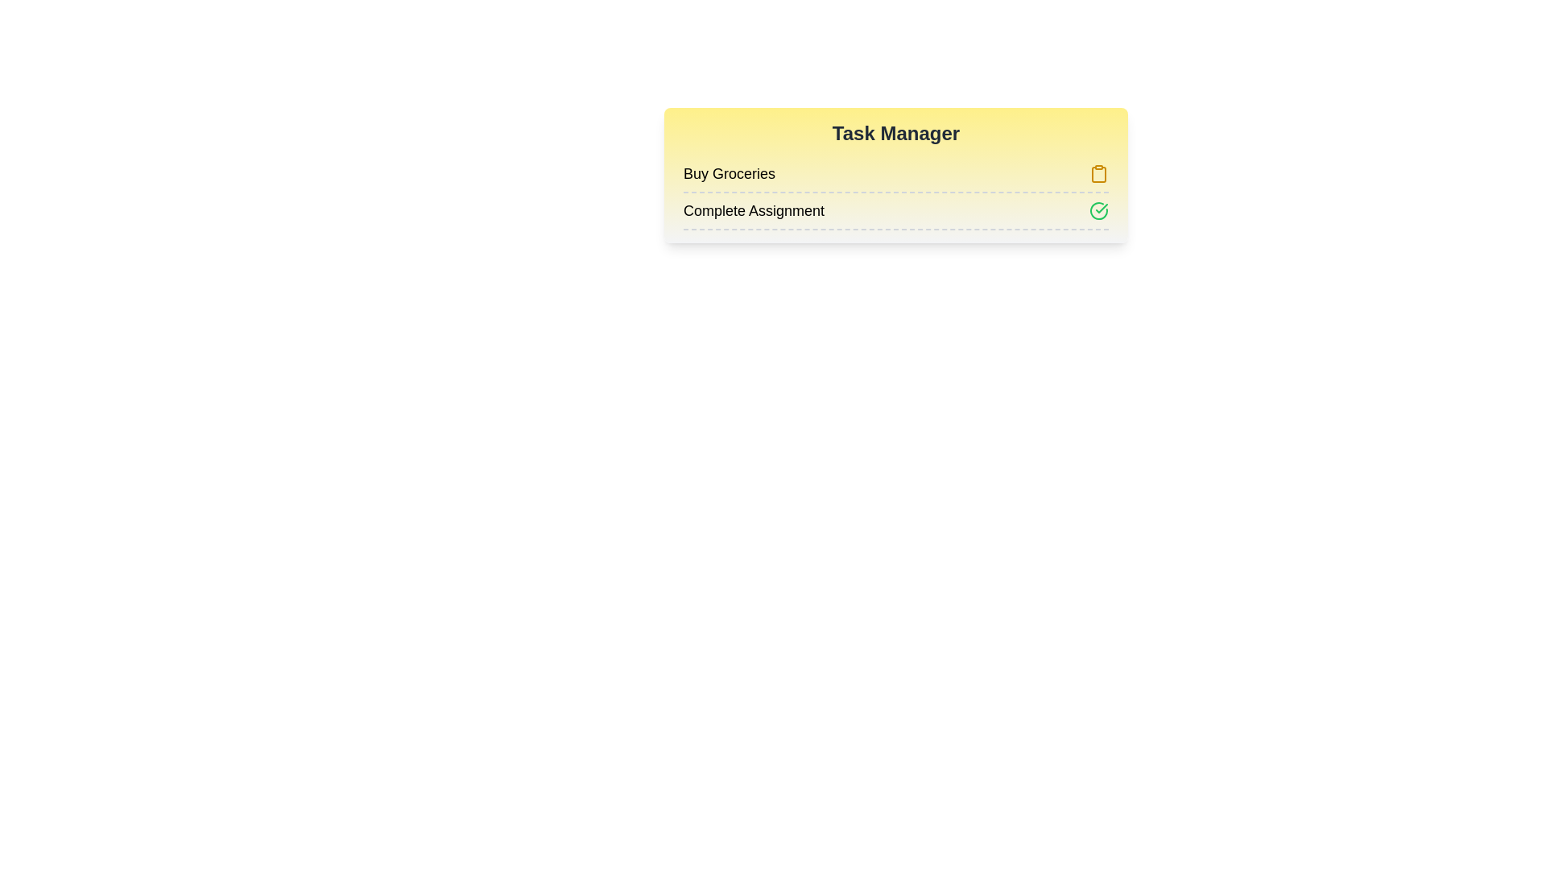 The width and height of the screenshot is (1546, 870). I want to click on the completion icon located at the far-right side of the 'Complete Assignment' task row, so click(1097, 210).